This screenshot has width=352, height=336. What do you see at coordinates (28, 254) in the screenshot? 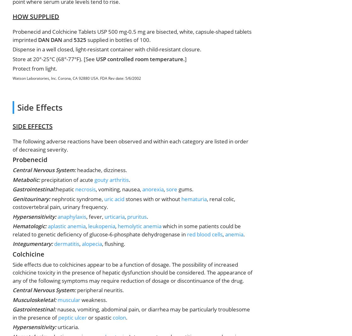
I see `'Colchicine'` at bounding box center [28, 254].